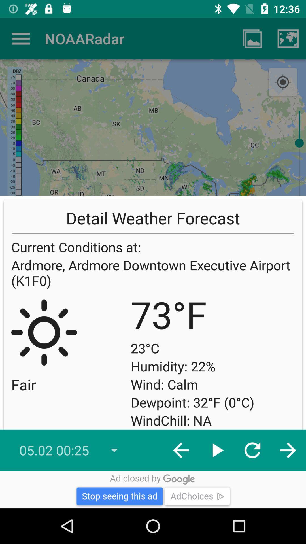 The width and height of the screenshot is (306, 544). What do you see at coordinates (283, 373) in the screenshot?
I see `the item to the right of the dewpoint 32 f icon` at bounding box center [283, 373].